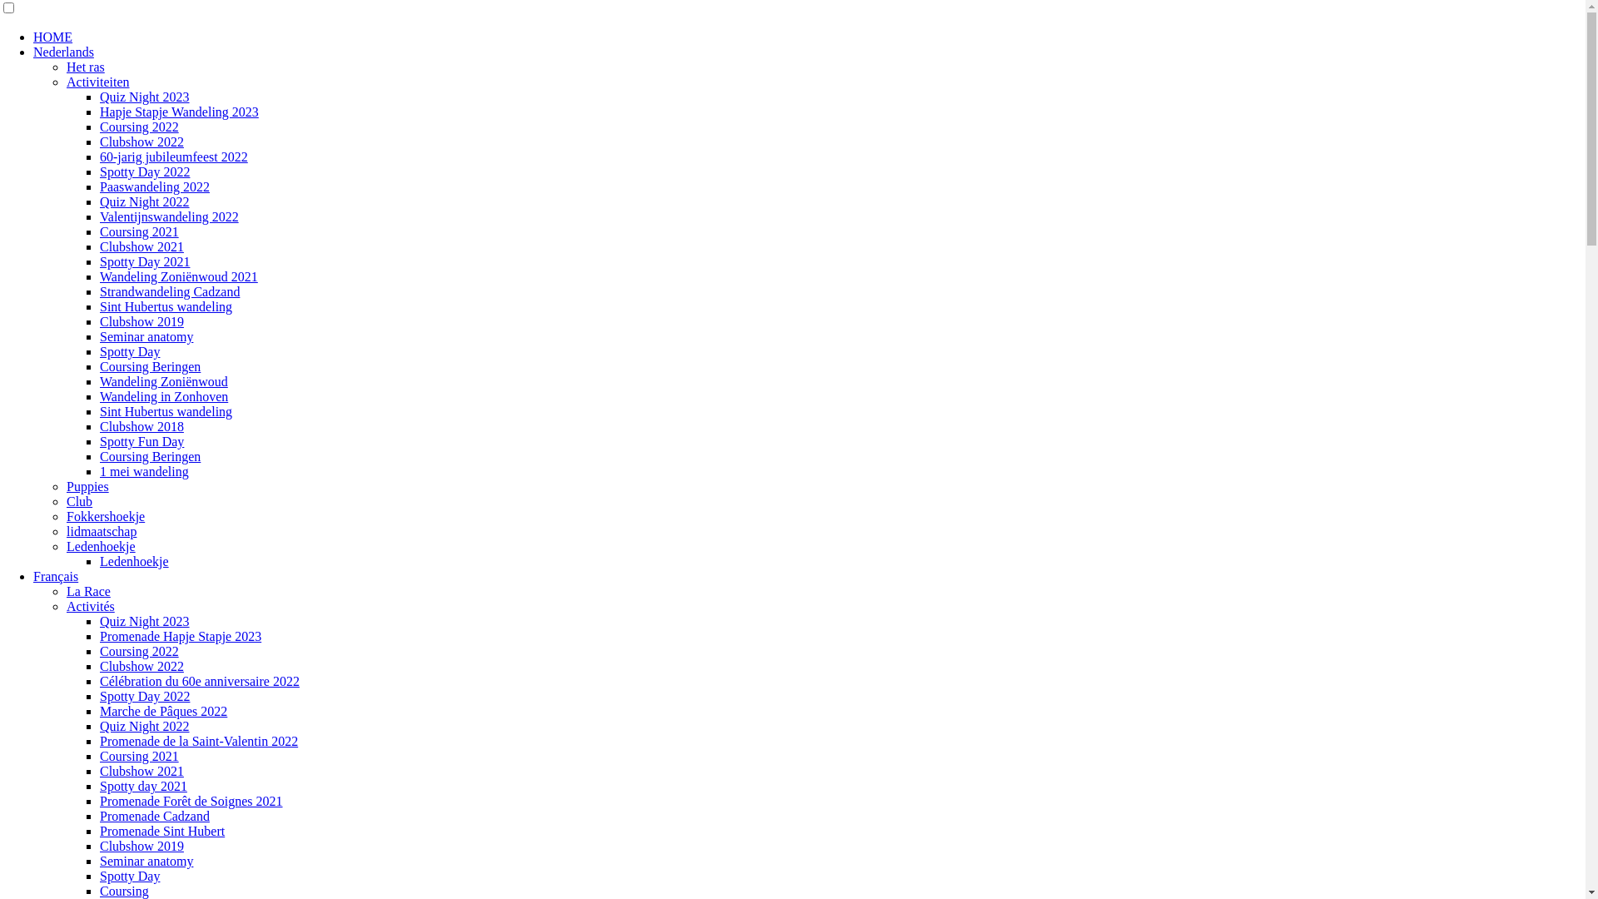 This screenshot has height=899, width=1598. Describe the element at coordinates (144, 725) in the screenshot. I see `'Quiz Night 2022'` at that location.